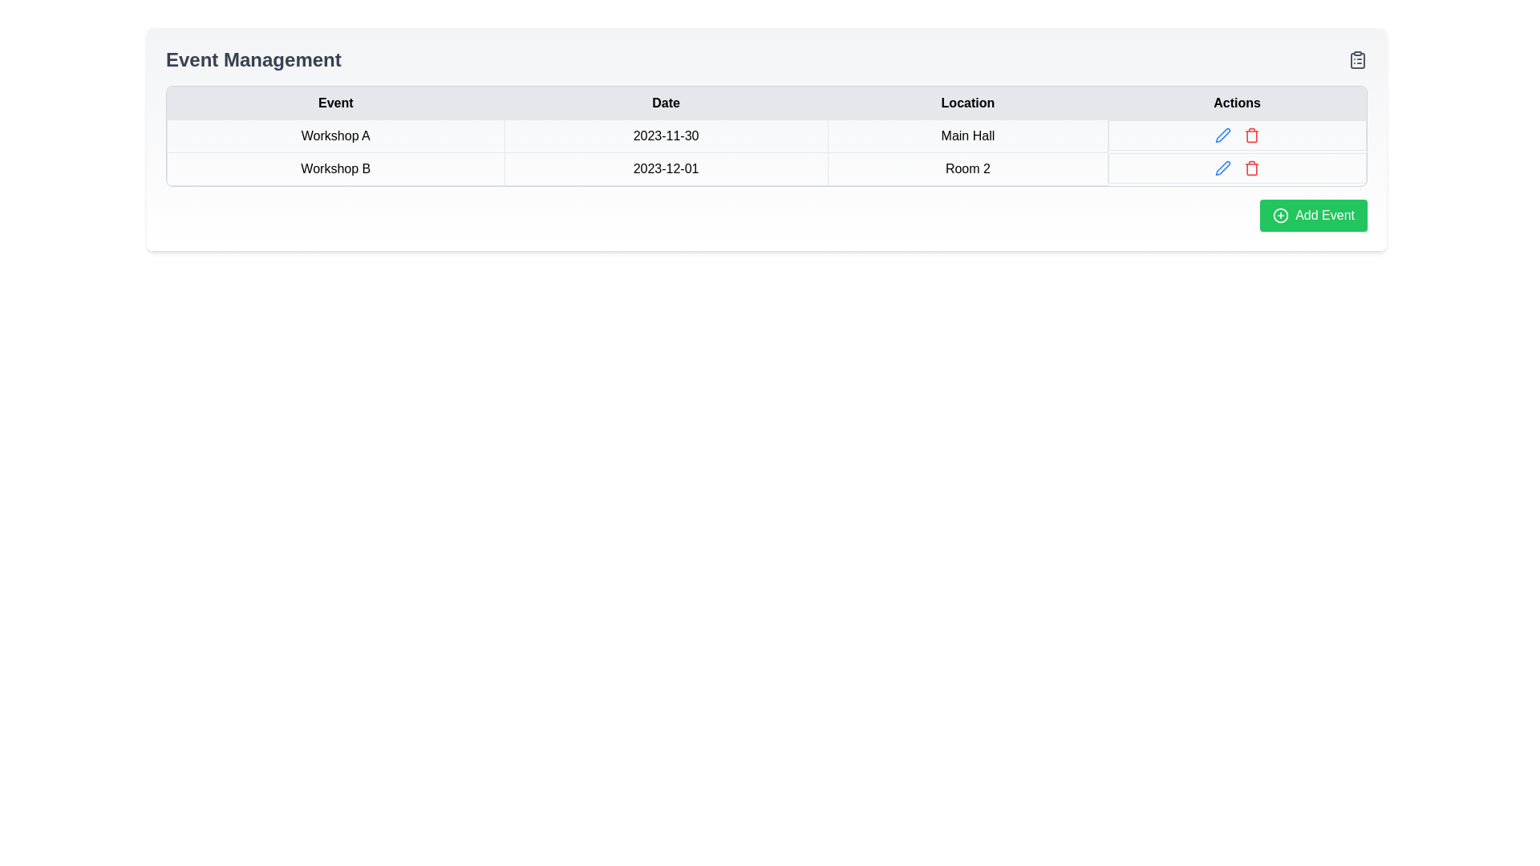 This screenshot has height=866, width=1540. What do you see at coordinates (1222, 168) in the screenshot?
I see `the edit button in the 'Actions' column corresponding to 'Workshop A'` at bounding box center [1222, 168].